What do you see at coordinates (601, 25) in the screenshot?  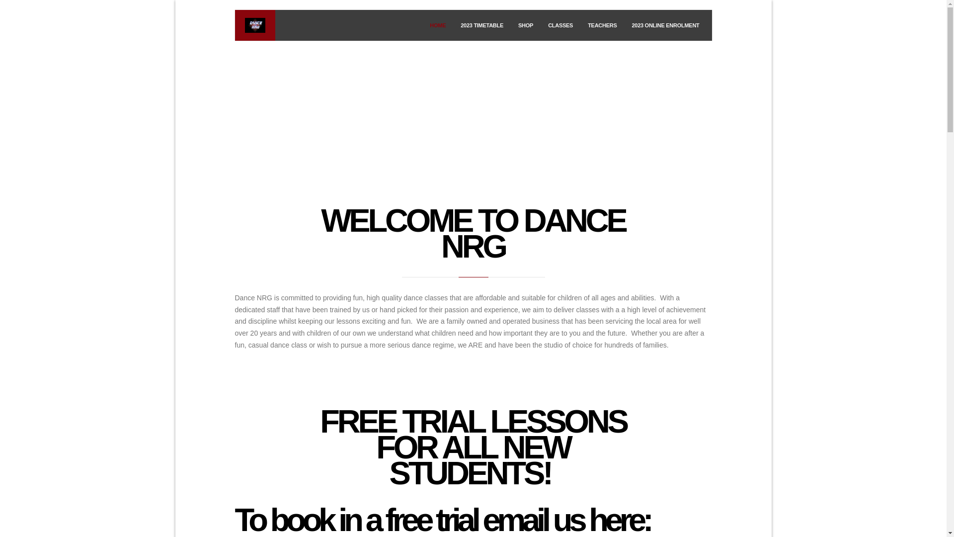 I see `'TEACHERS'` at bounding box center [601, 25].